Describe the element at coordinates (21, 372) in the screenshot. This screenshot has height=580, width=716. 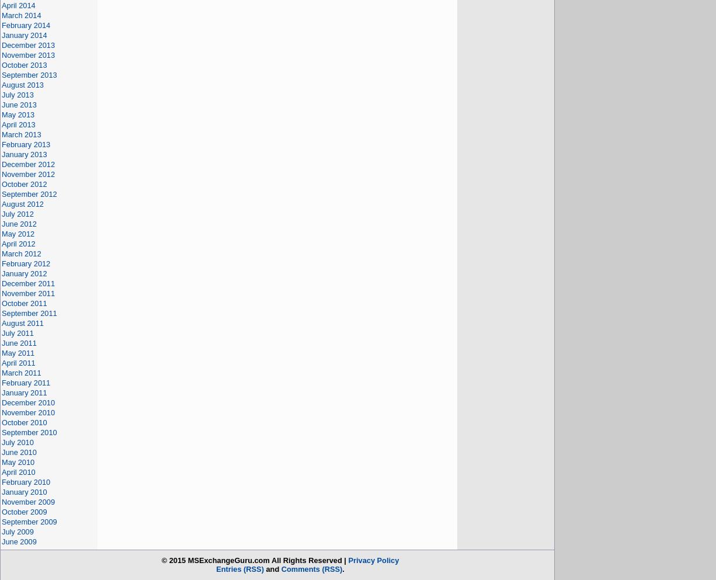
I see `'March 2011'` at that location.